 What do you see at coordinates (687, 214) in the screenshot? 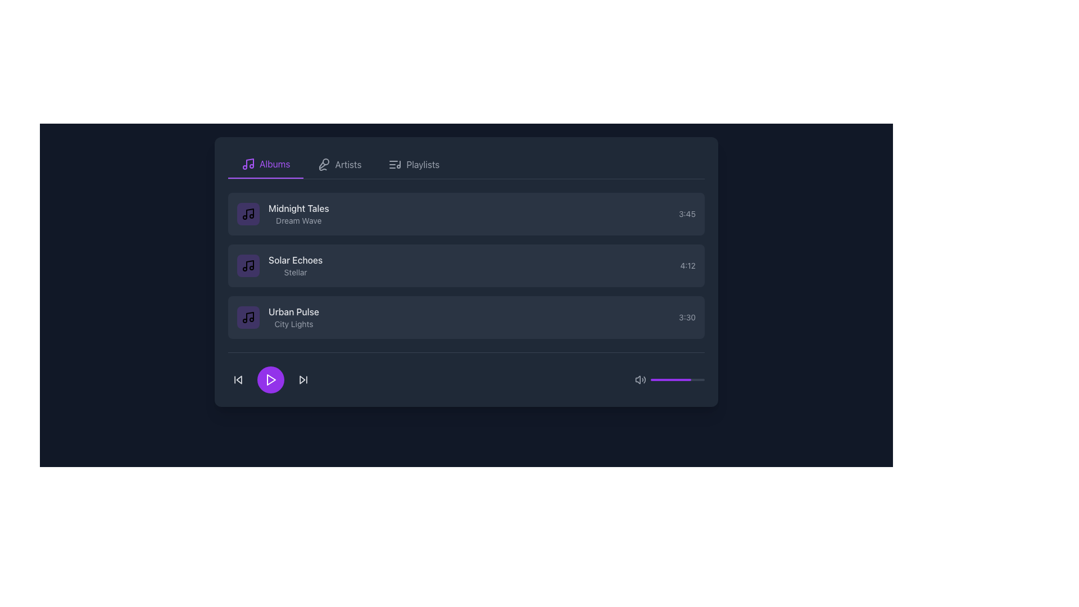
I see `the text label displaying the value '3:45', which is styled in gray and located to the far right of the first track item in the playlist` at bounding box center [687, 214].